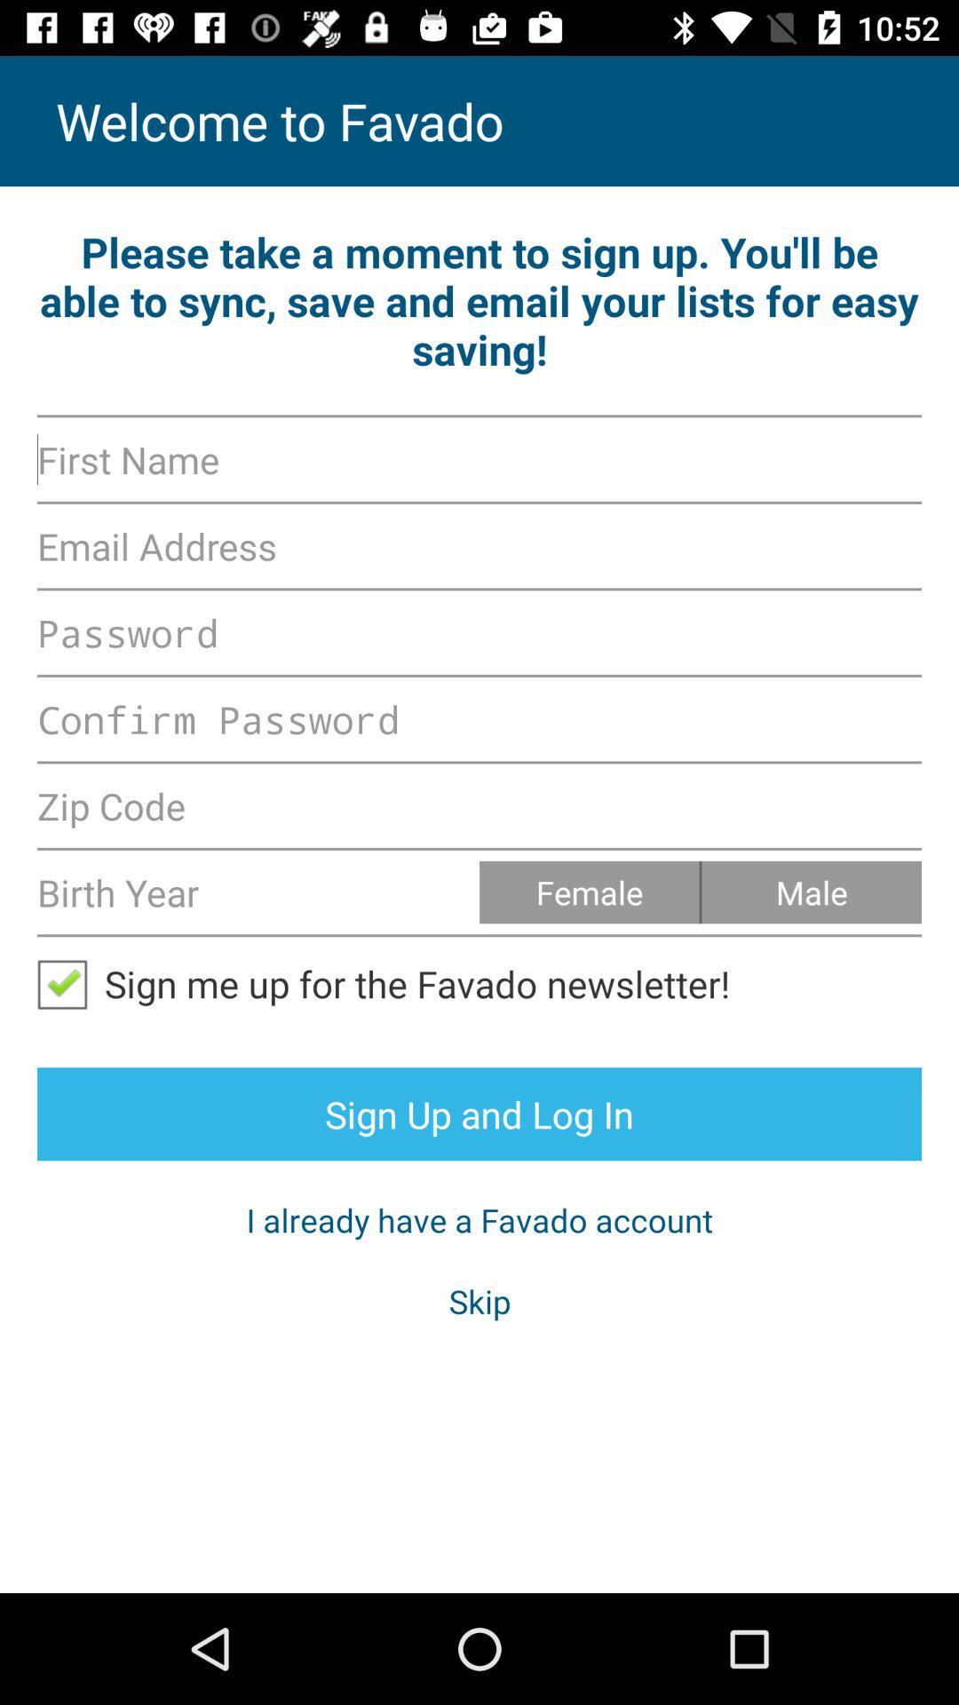  Describe the element at coordinates (479, 805) in the screenshot. I see `zipcode` at that location.